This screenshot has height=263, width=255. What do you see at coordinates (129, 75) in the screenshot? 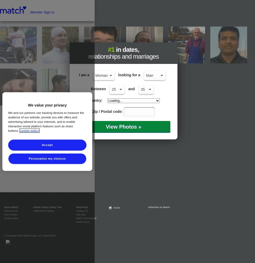
I see `'looking for a'` at bounding box center [129, 75].